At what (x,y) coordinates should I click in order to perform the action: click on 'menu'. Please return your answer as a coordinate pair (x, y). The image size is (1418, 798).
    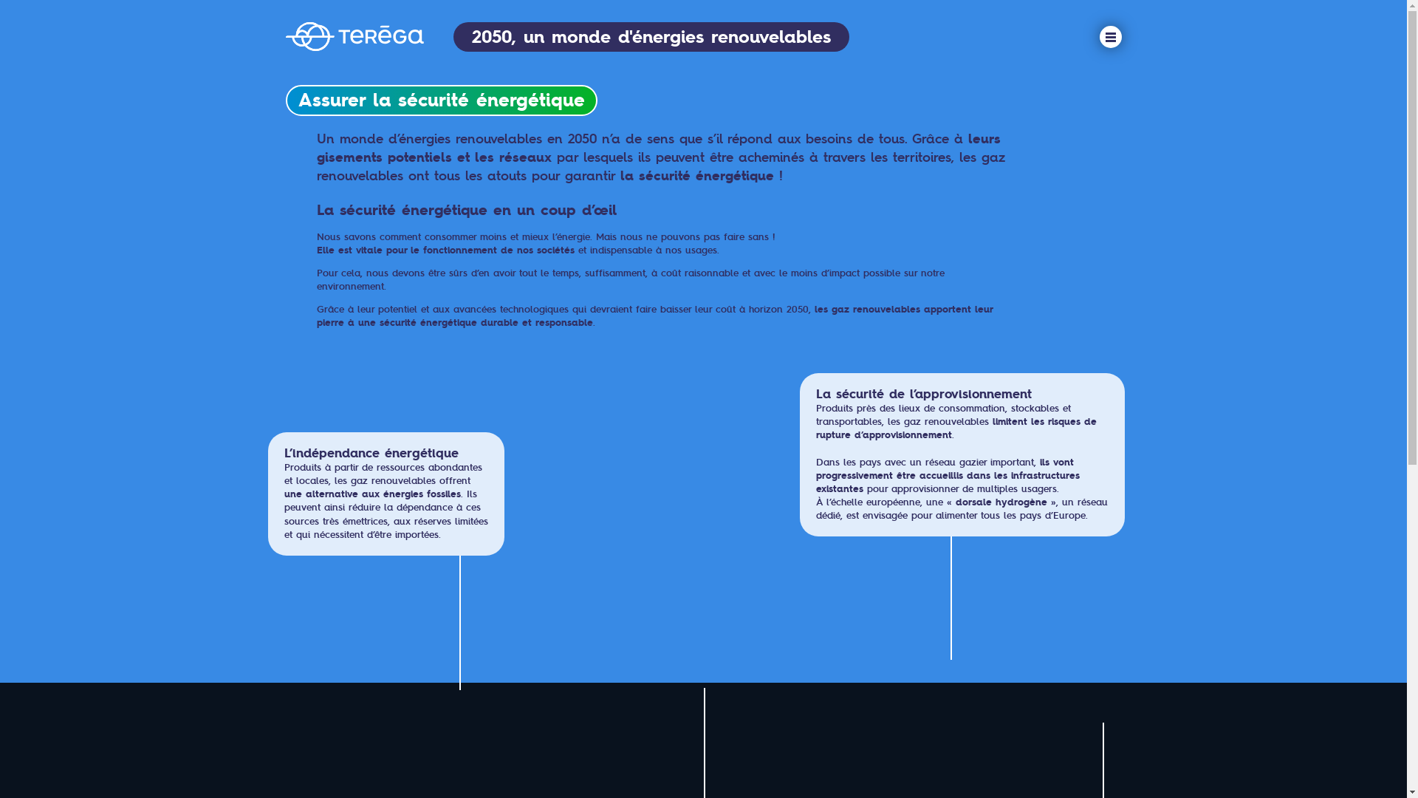
    Looking at the image, I should click on (1109, 36).